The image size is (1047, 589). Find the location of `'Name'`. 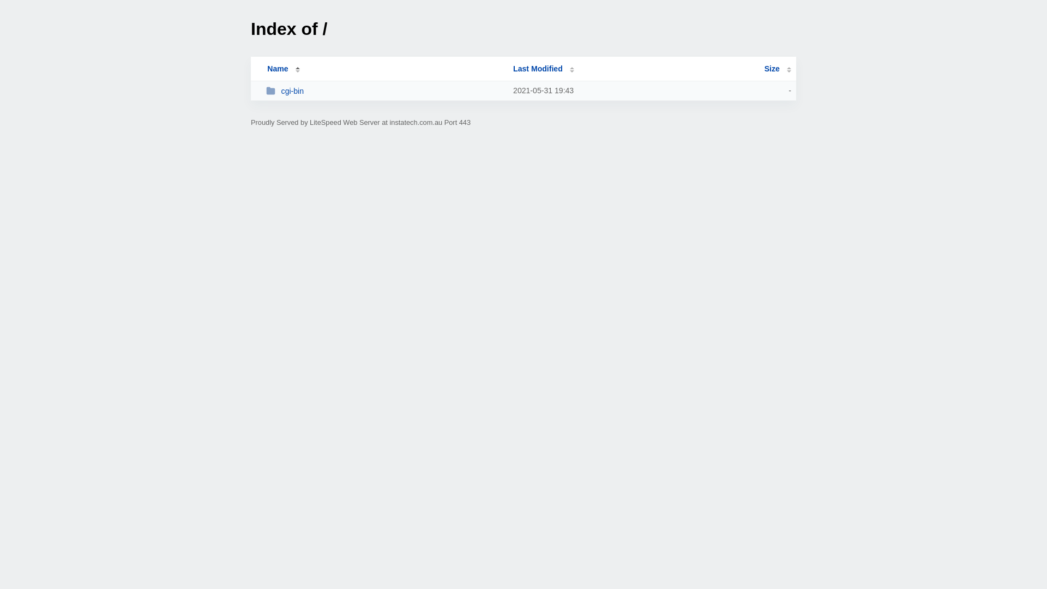

'Name' is located at coordinates (277, 69).